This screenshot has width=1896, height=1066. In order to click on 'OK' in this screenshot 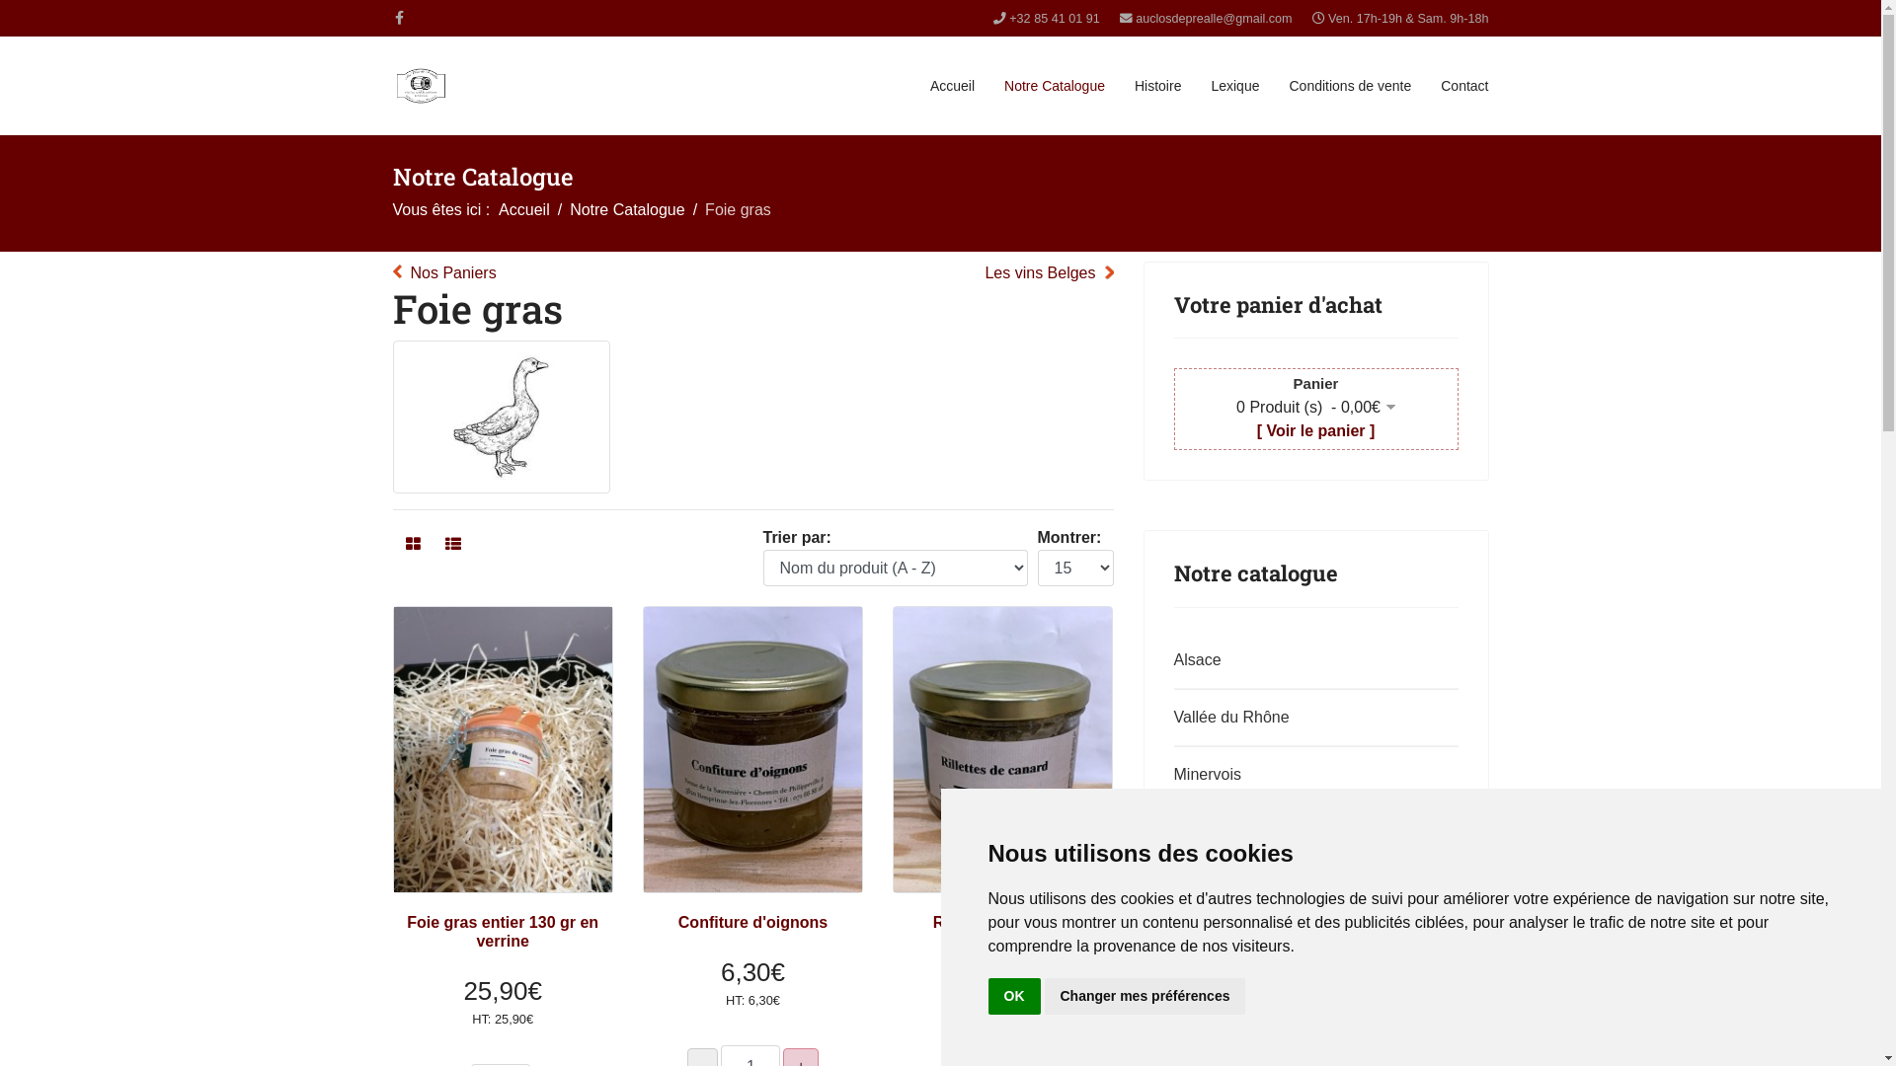, I will do `click(1013, 996)`.